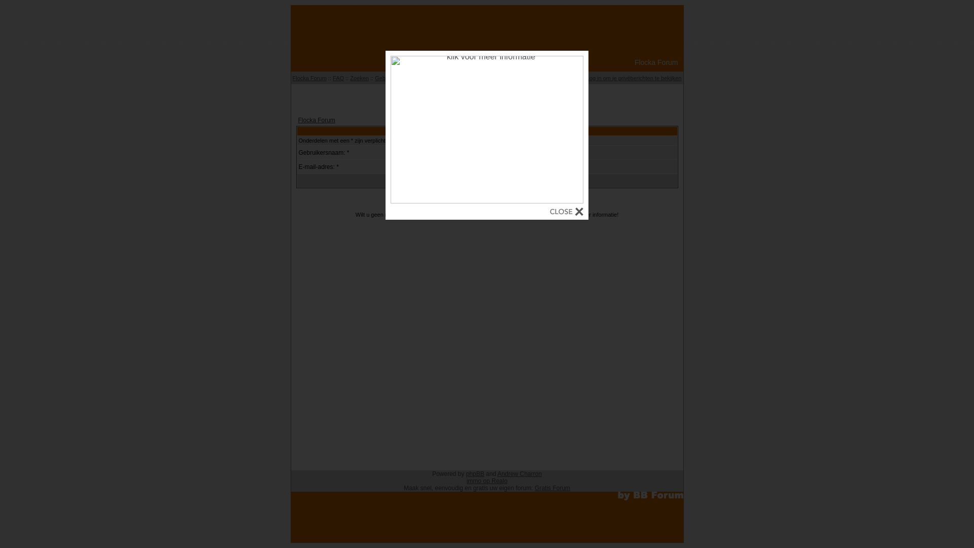  Describe the element at coordinates (359, 78) in the screenshot. I see `'Zoeken'` at that location.